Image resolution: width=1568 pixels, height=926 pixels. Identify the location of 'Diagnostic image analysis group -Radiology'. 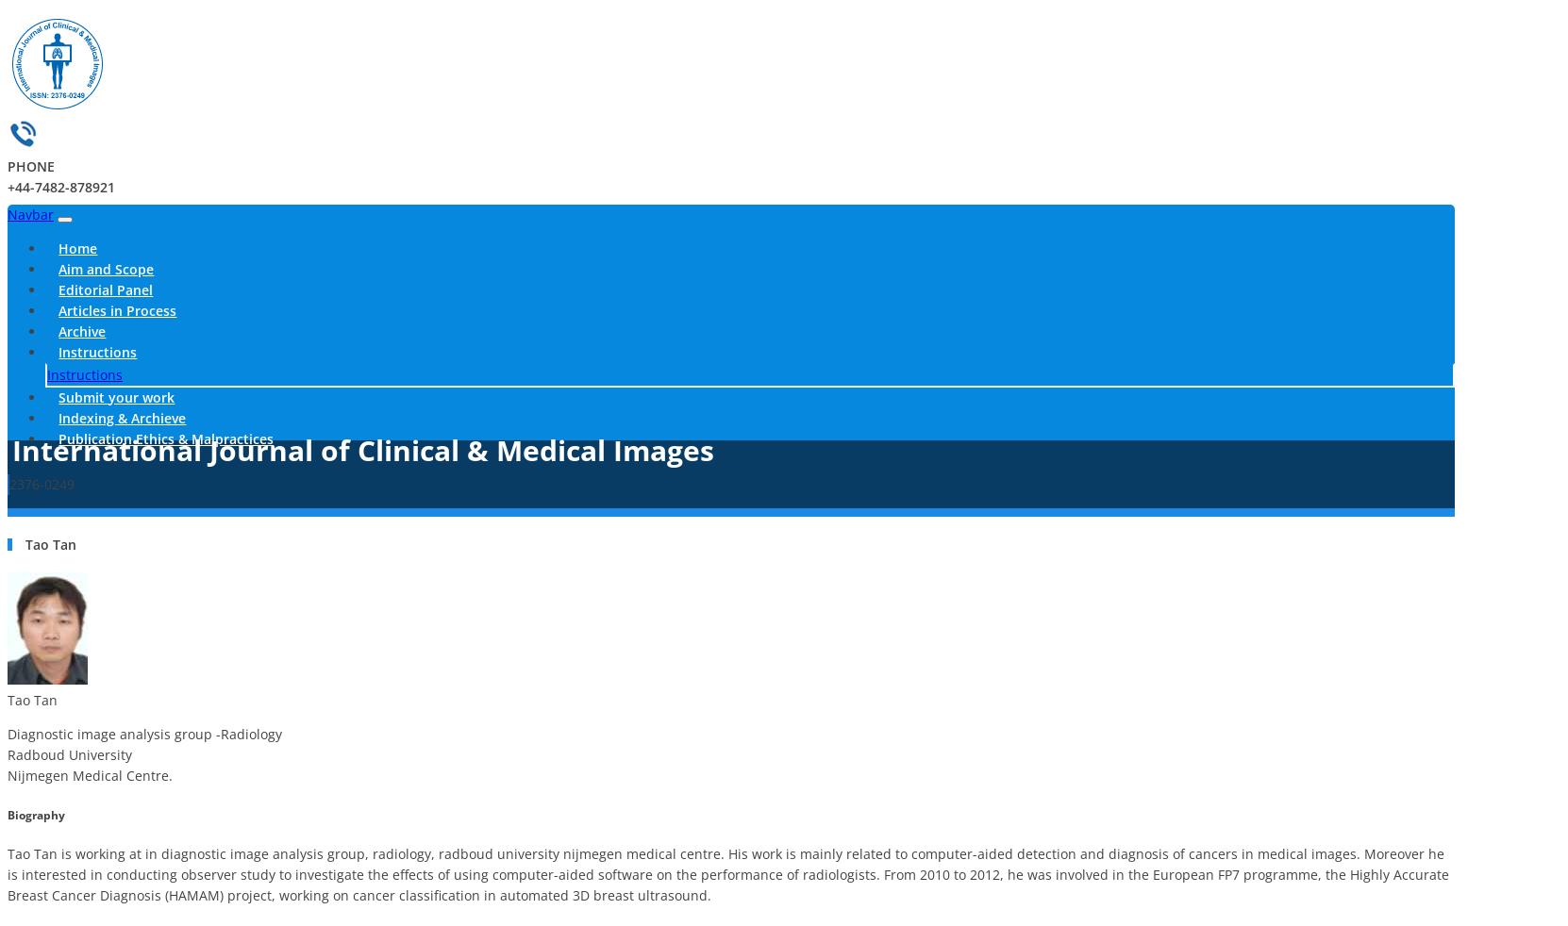
(144, 734).